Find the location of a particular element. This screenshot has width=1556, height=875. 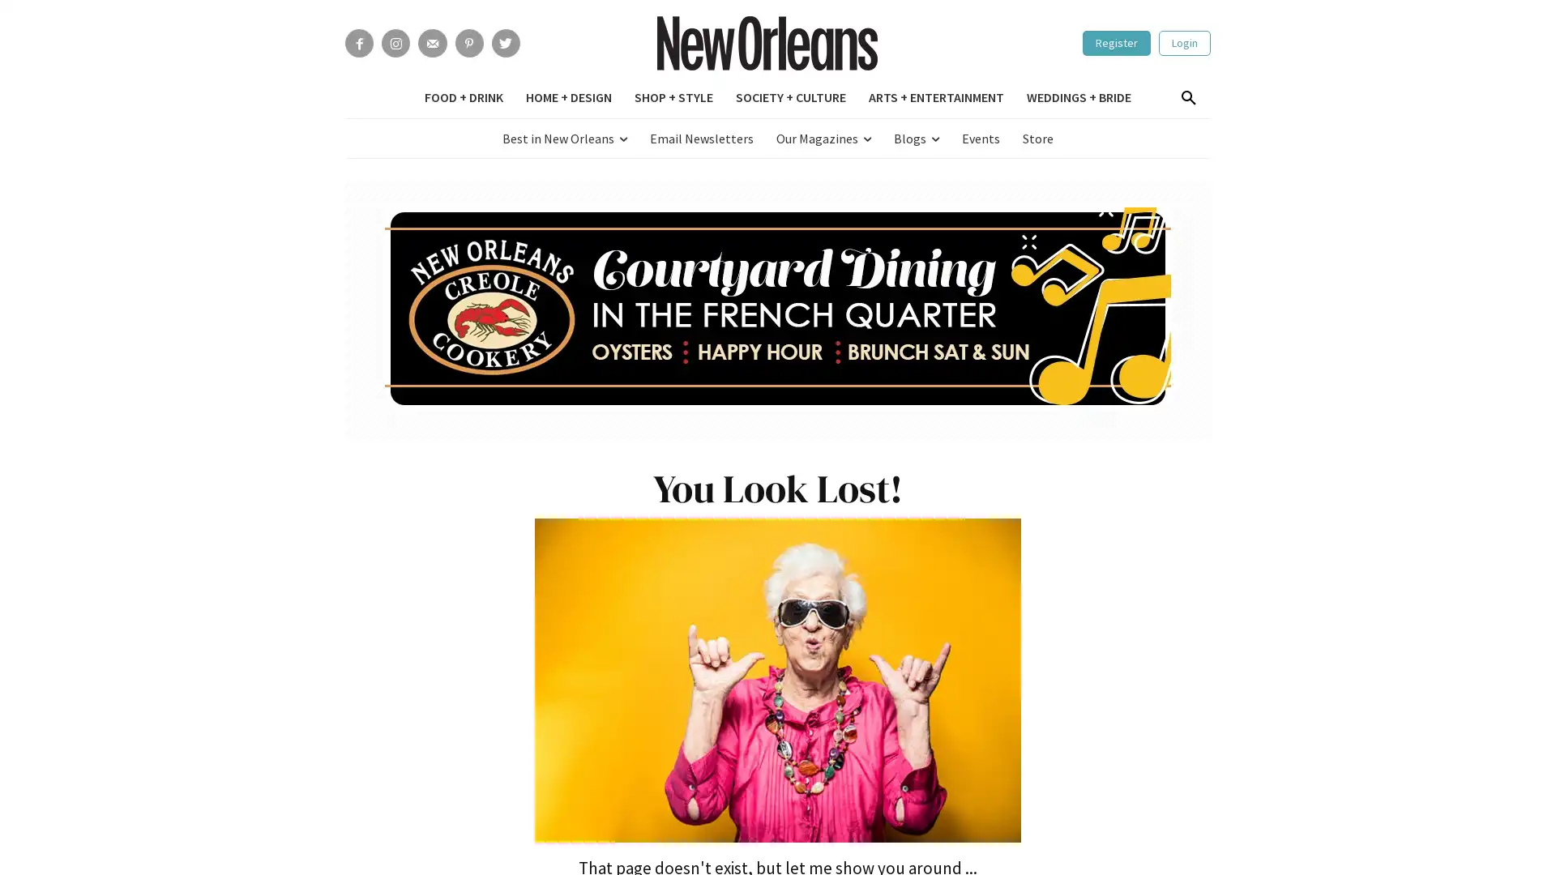

Search is located at coordinates (1187, 99).